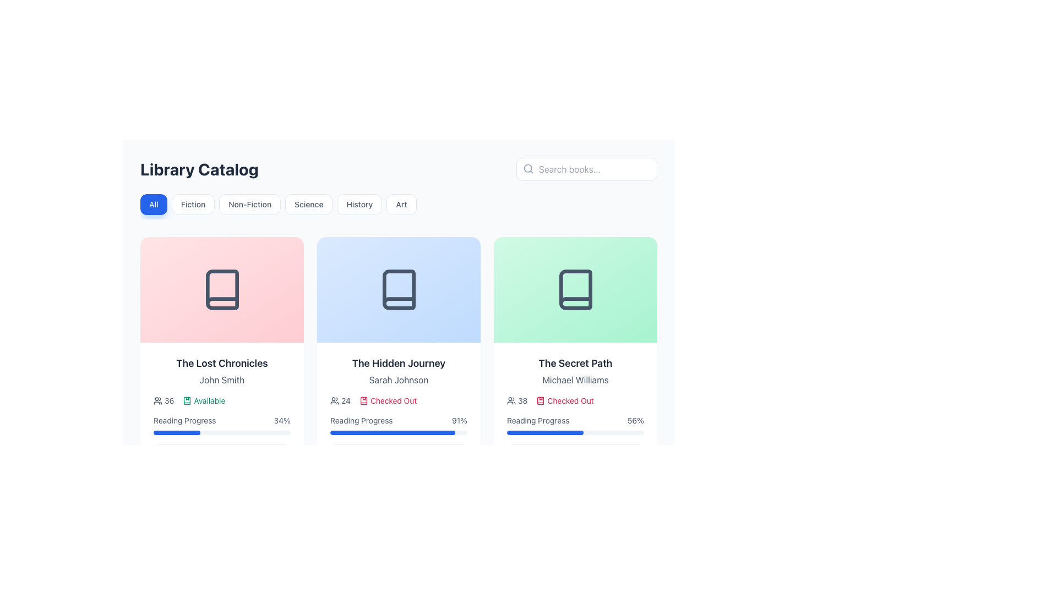 Image resolution: width=1057 pixels, height=594 pixels. Describe the element at coordinates (221, 424) in the screenshot. I see `the progress bar that displays 'Reading Progress' and '34%', located below the availability status and user count in the details of 'The Lost Chronicles'` at that location.